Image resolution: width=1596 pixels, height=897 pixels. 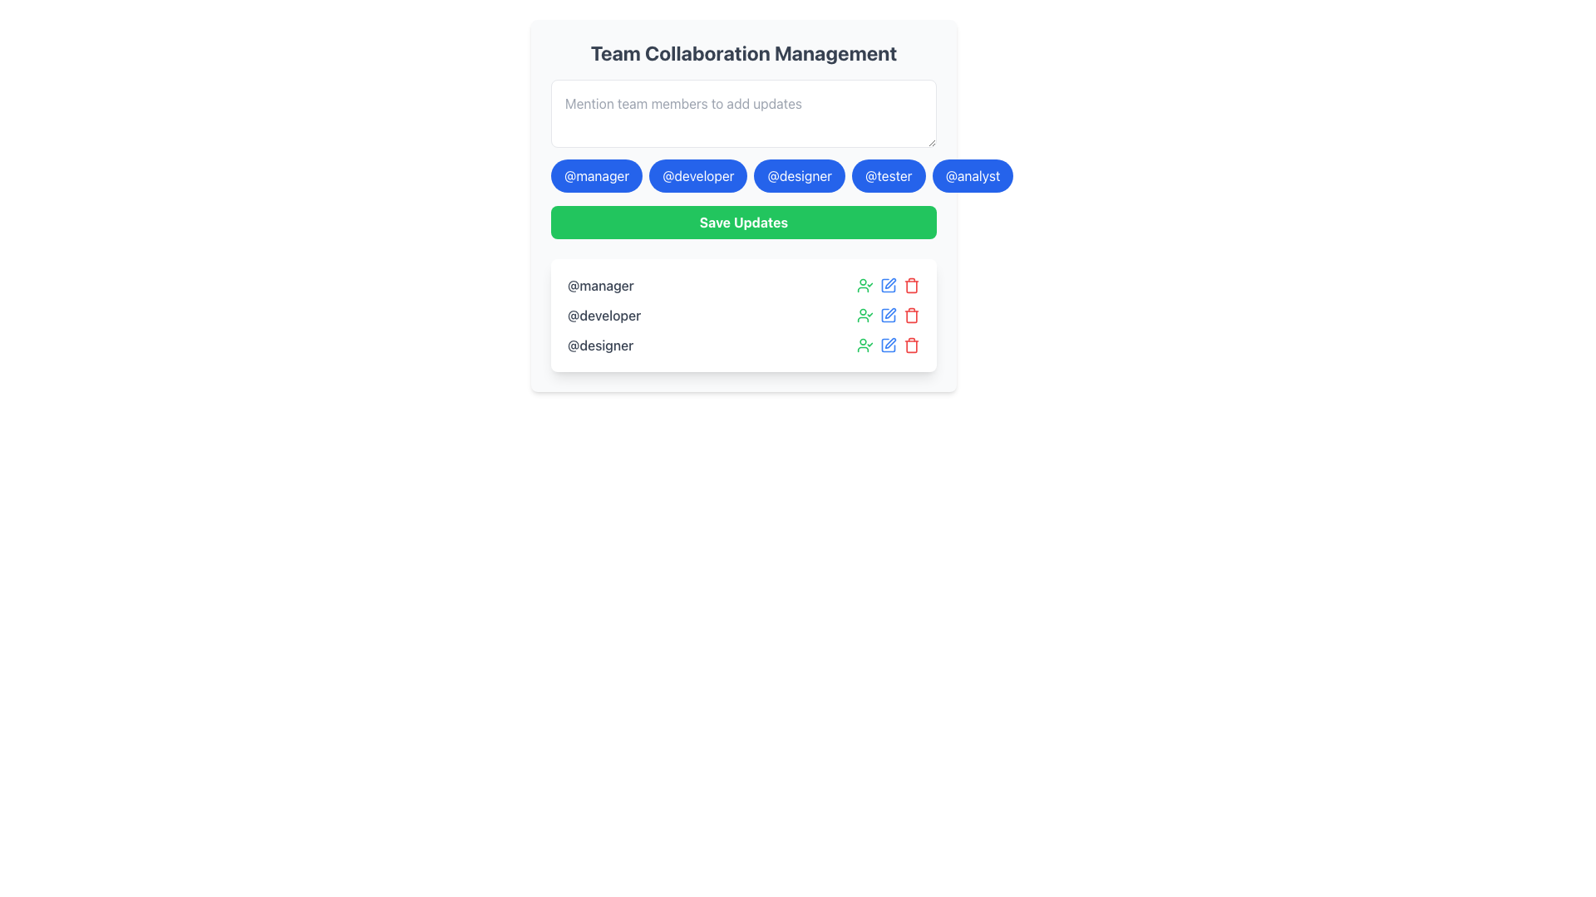 I want to click on the square and pen icon to the left of the text '@developer' in the list of team members, so click(x=888, y=316).